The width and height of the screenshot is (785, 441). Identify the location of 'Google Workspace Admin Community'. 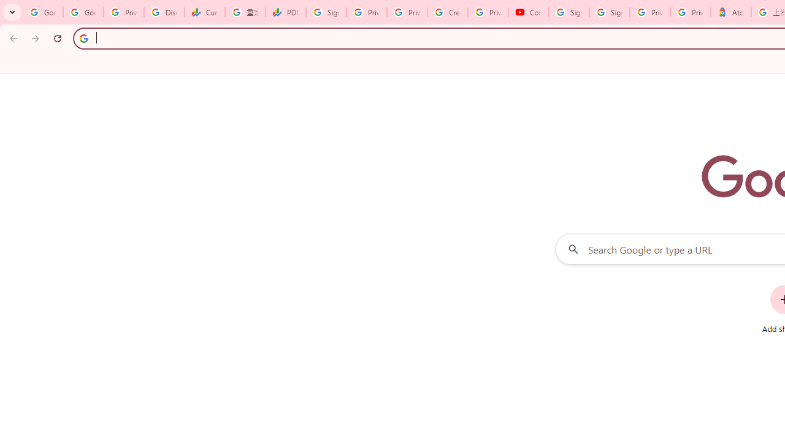
(43, 12).